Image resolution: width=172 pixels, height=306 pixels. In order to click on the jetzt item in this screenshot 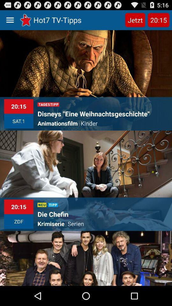, I will do `click(135, 20)`.